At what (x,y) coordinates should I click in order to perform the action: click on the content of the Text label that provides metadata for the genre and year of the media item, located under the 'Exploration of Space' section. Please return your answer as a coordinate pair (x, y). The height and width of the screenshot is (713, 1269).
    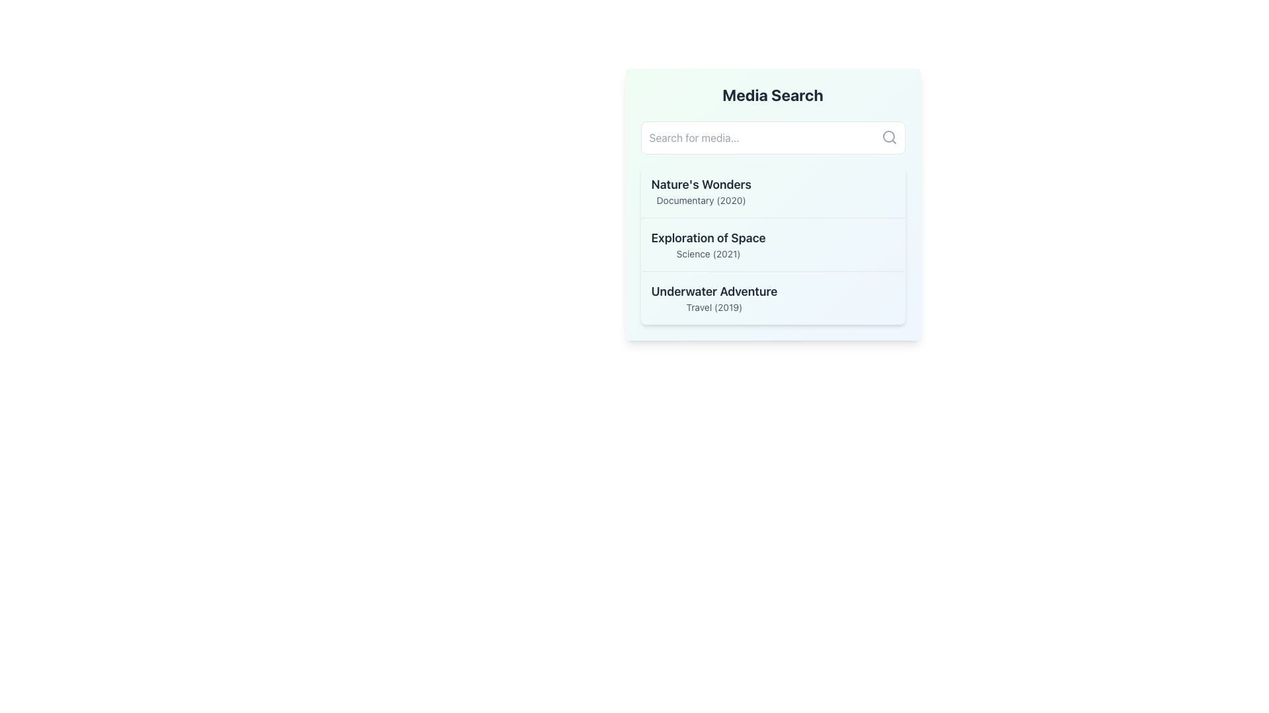
    Looking at the image, I should click on (708, 254).